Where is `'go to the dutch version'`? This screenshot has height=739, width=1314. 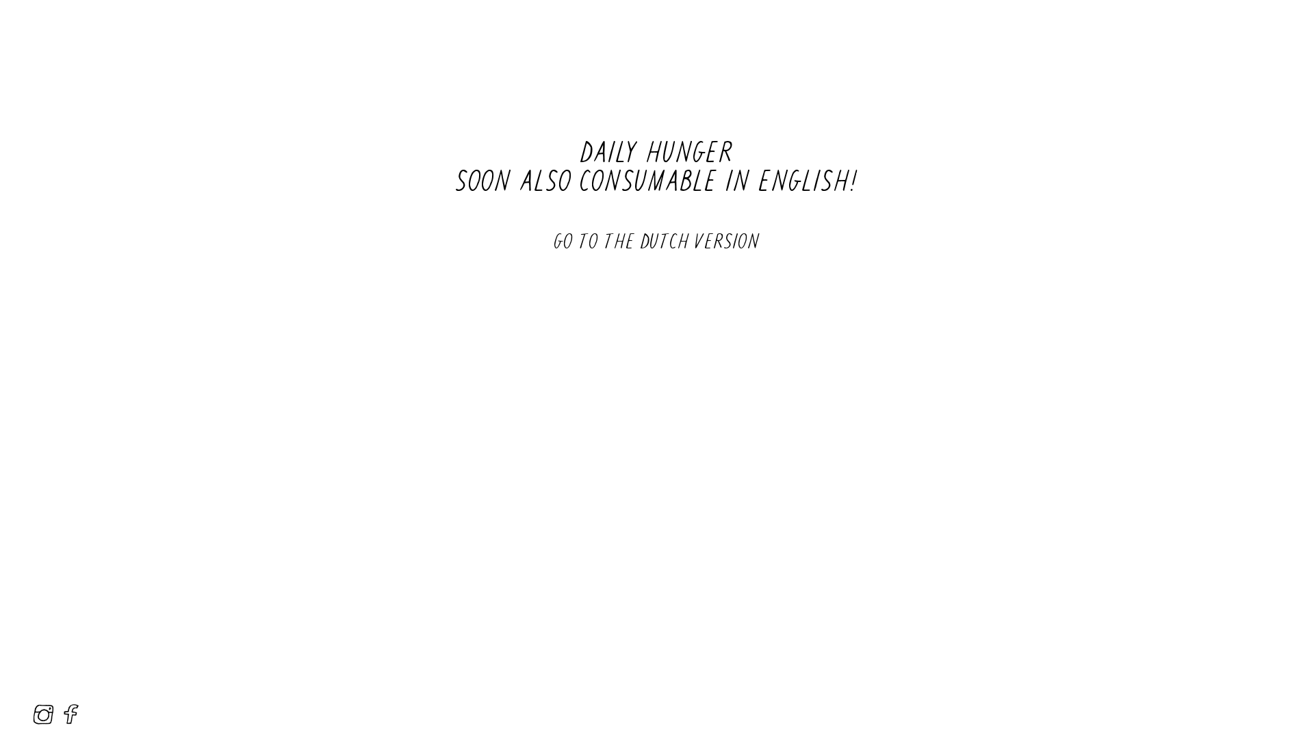
'go to the dutch version' is located at coordinates (657, 239).